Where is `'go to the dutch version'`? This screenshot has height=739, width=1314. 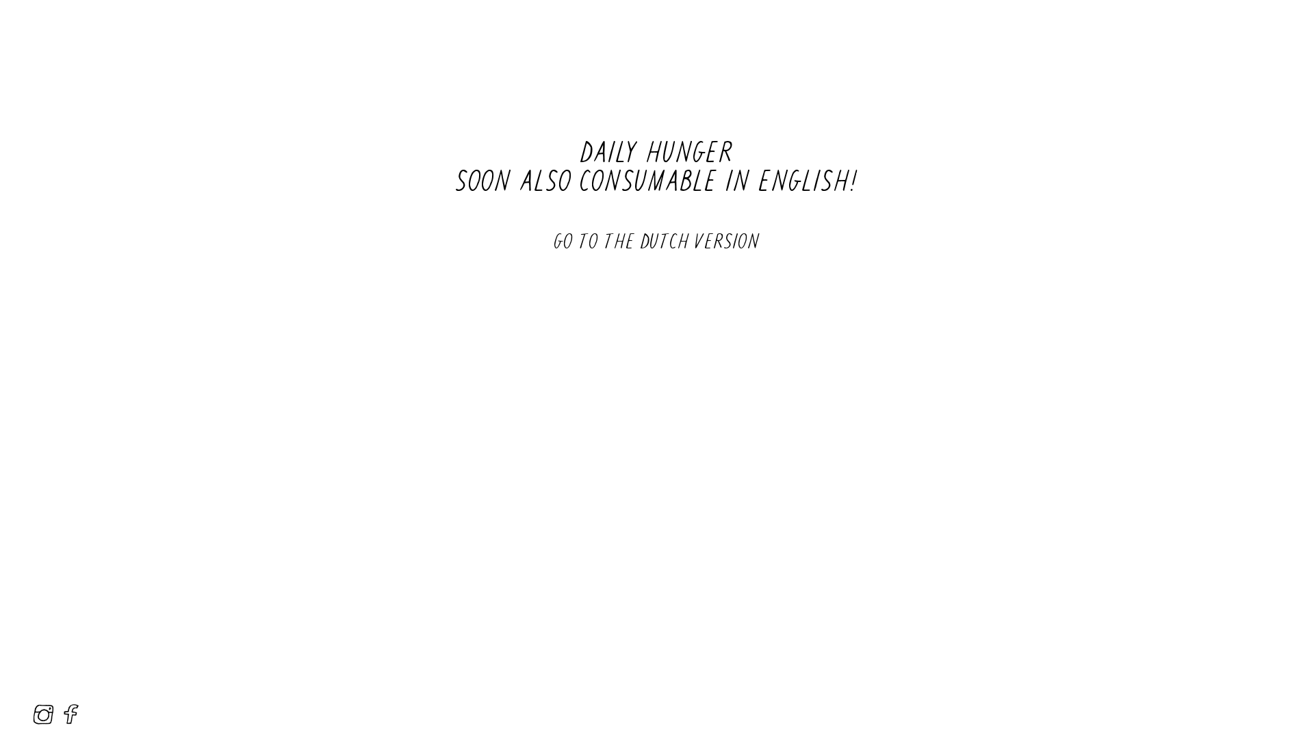
'go to the dutch version' is located at coordinates (657, 239).